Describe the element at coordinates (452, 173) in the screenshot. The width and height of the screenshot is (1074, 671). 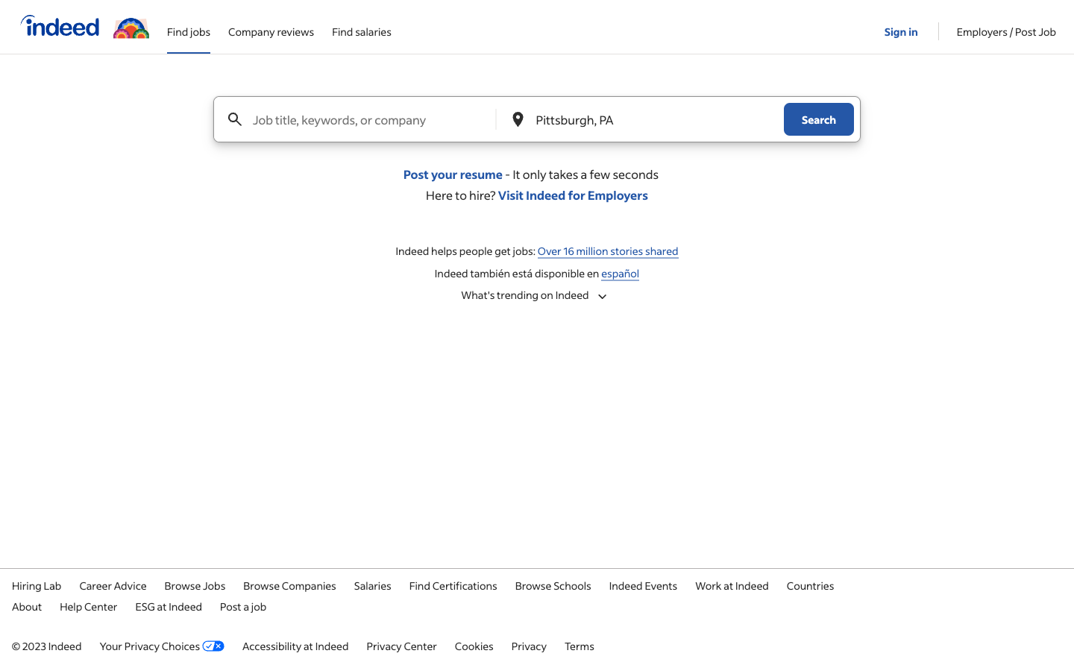
I see `Submit your resume on the given webpage` at that location.